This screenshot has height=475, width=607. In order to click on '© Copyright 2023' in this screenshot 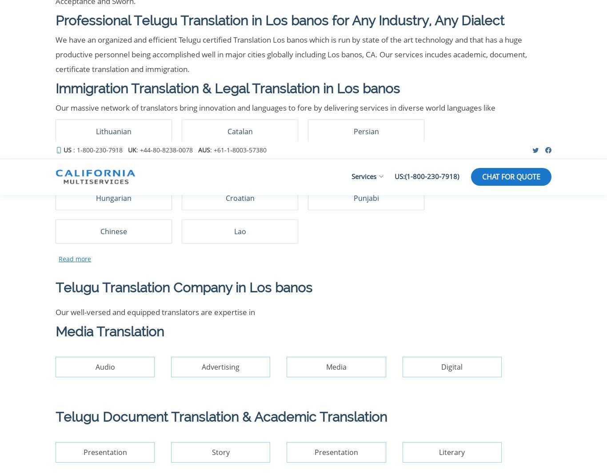, I will do `click(85, 300)`.